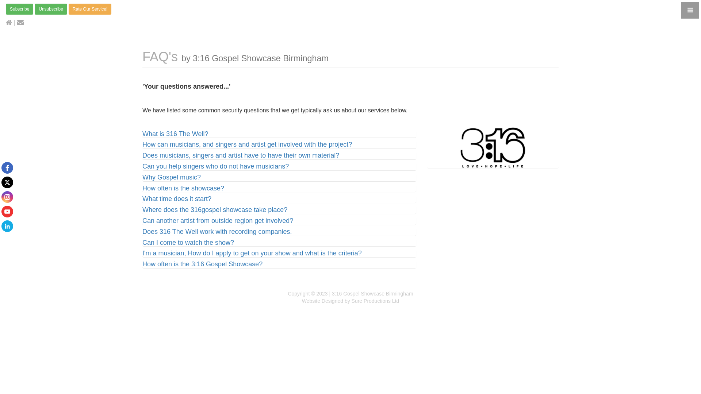 Image resolution: width=701 pixels, height=394 pixels. What do you see at coordinates (7, 226) in the screenshot?
I see `'LinkedIn'` at bounding box center [7, 226].